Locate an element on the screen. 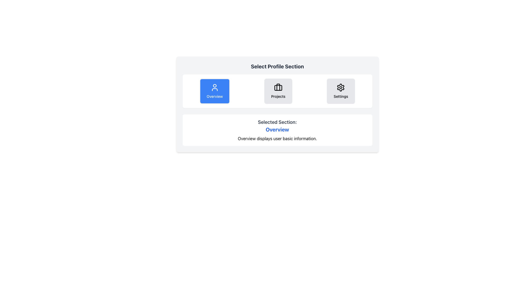 The image size is (506, 284). the 'Projects' button, which is a rectangular button with rounded edges, light gray background, and a briefcase icon above the label, located between the 'Overview' and 'Settings' buttons is located at coordinates (278, 91).